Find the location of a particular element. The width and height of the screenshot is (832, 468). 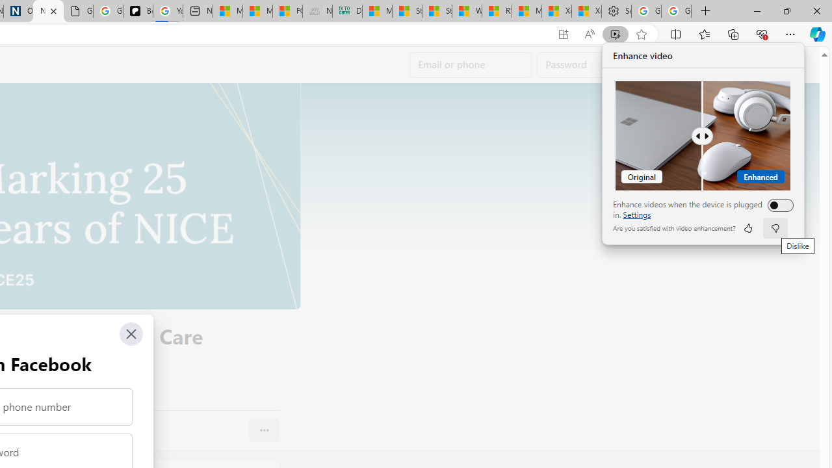

'App available. Install Facebook' is located at coordinates (564, 34).